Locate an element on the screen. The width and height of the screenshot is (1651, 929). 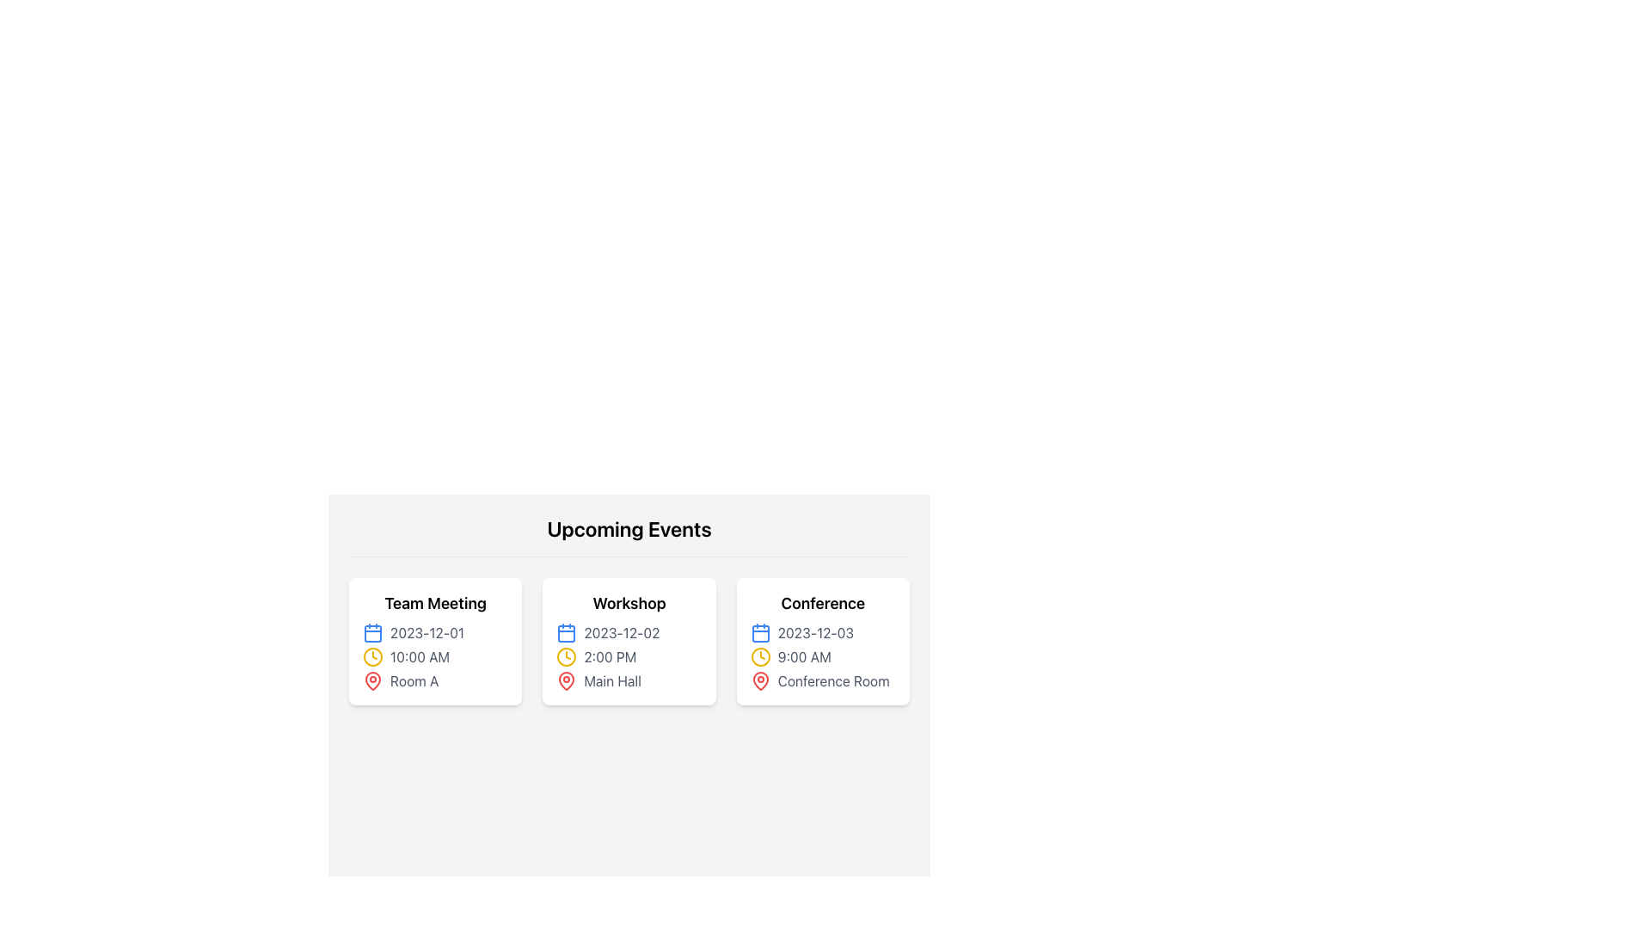
the location marker icon in the 'Team Meeting' card located near 'Room A' in the 'Upcoming Events' section is located at coordinates (371, 679).